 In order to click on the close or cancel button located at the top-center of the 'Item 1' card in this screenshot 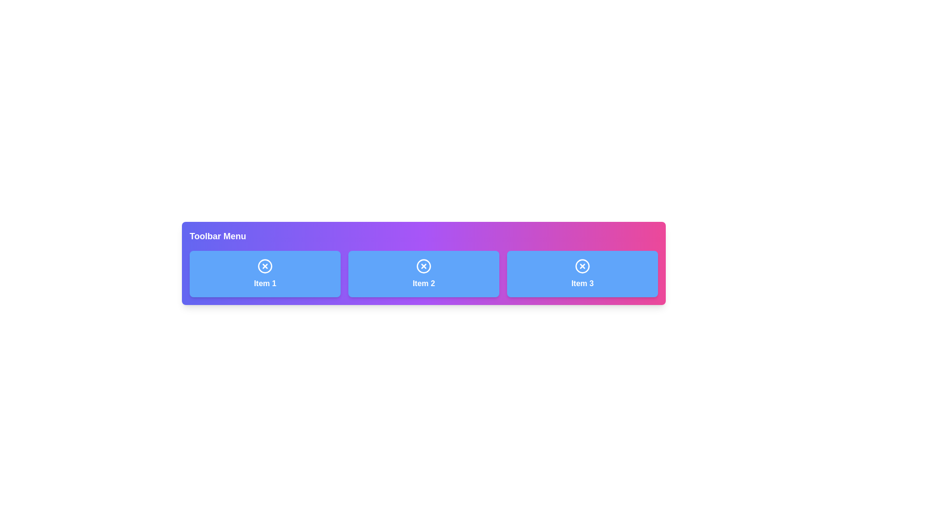, I will do `click(265, 266)`.